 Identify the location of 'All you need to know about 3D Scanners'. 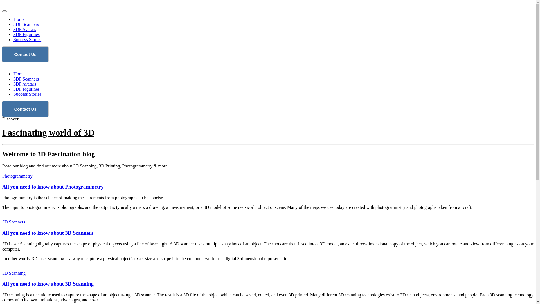
(48, 233).